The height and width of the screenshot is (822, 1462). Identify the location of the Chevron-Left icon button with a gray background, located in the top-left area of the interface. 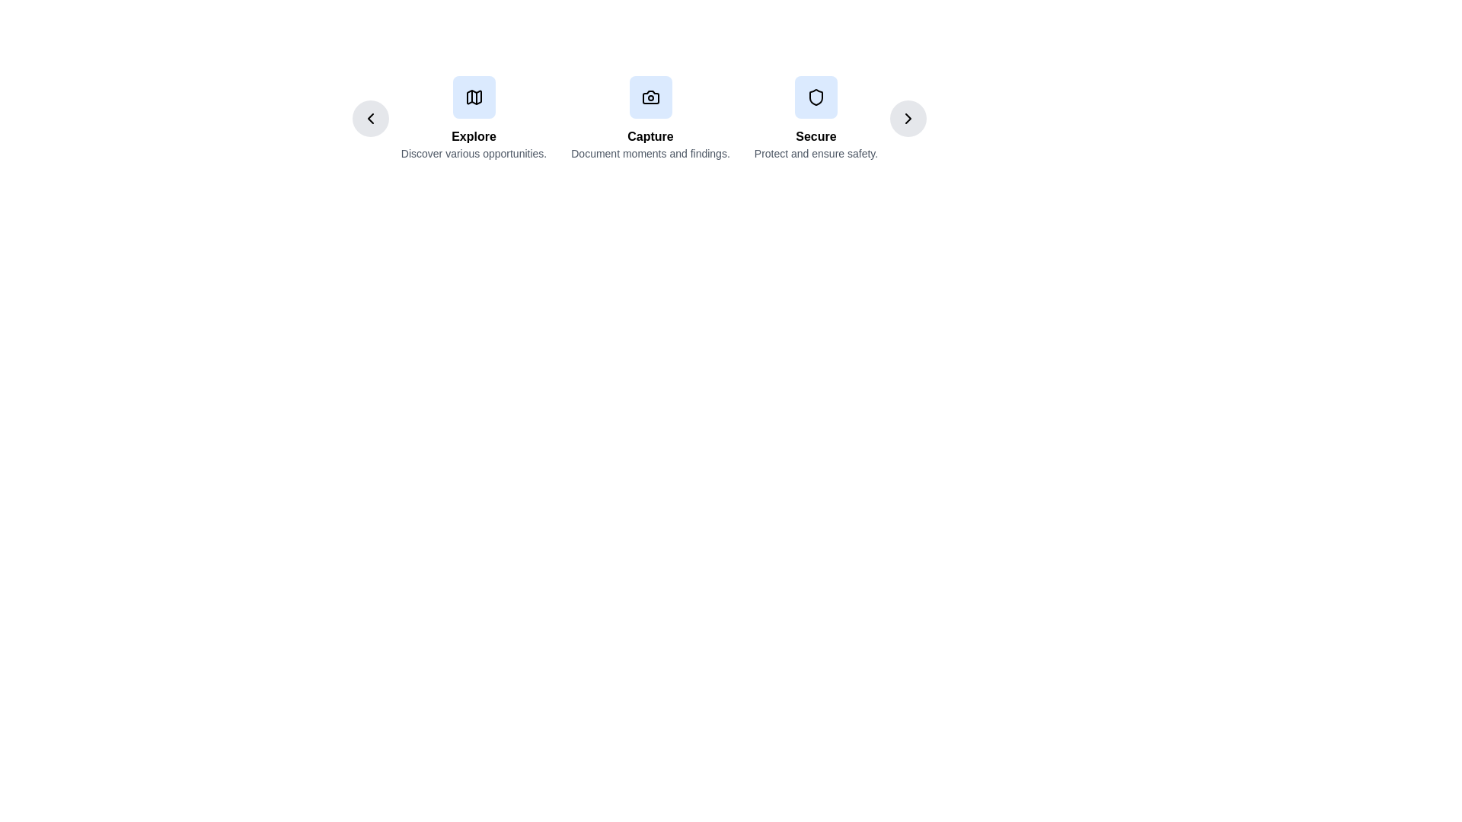
(370, 117).